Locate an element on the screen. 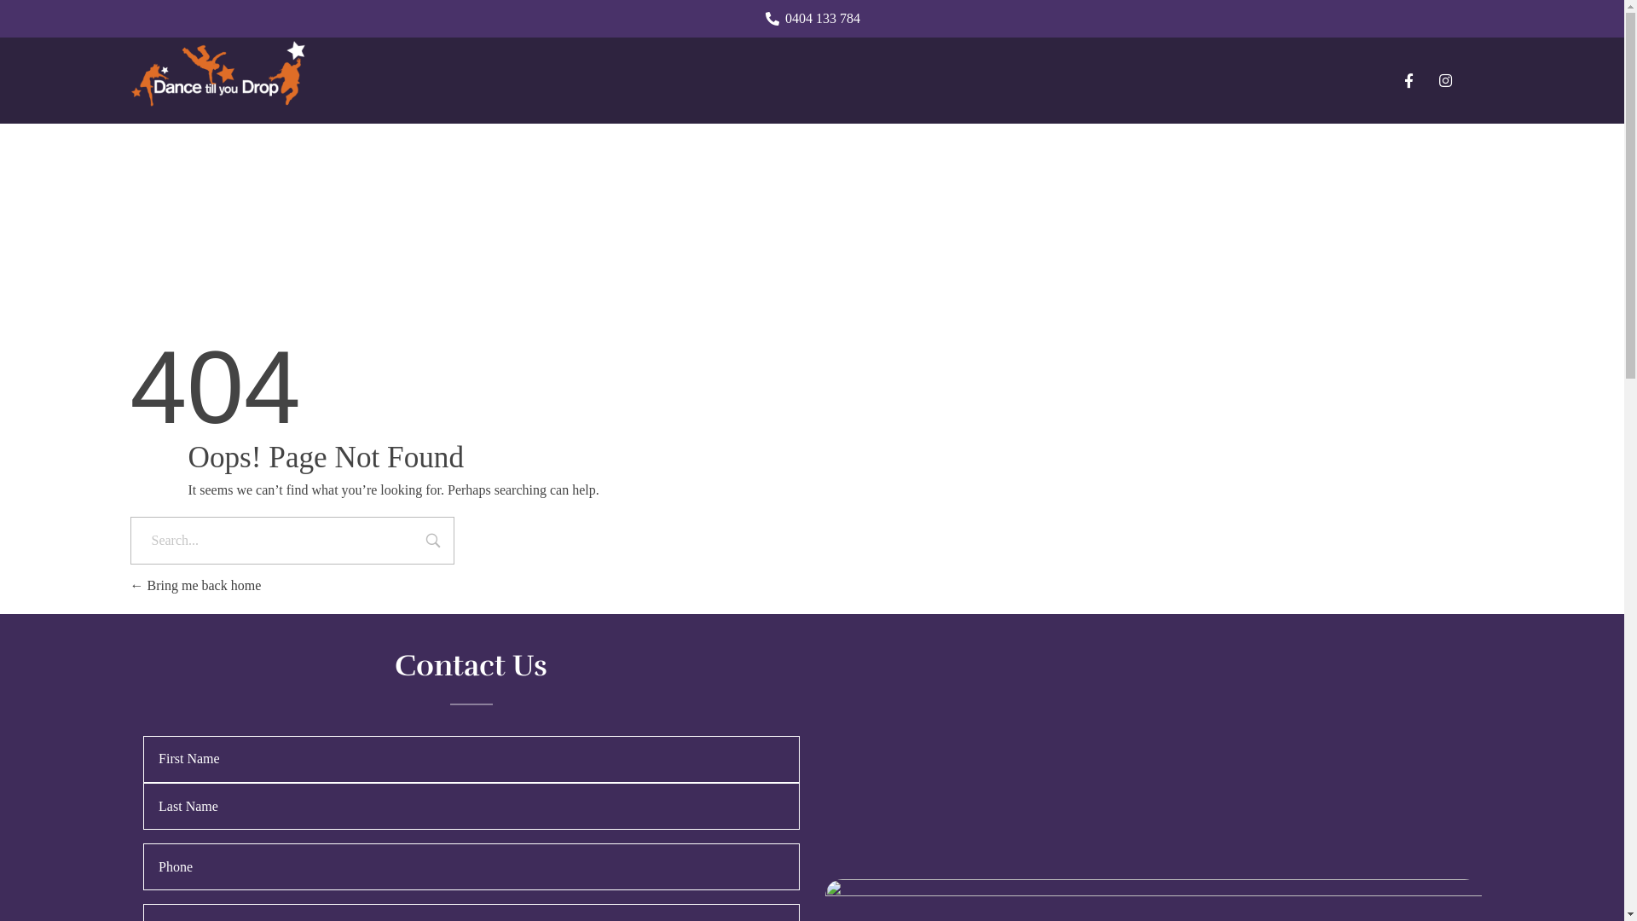  'Search' is located at coordinates (433, 542).